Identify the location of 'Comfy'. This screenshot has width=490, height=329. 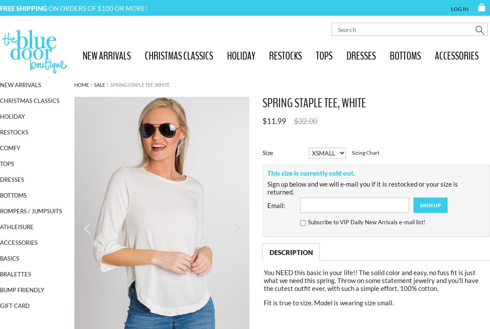
(10, 148).